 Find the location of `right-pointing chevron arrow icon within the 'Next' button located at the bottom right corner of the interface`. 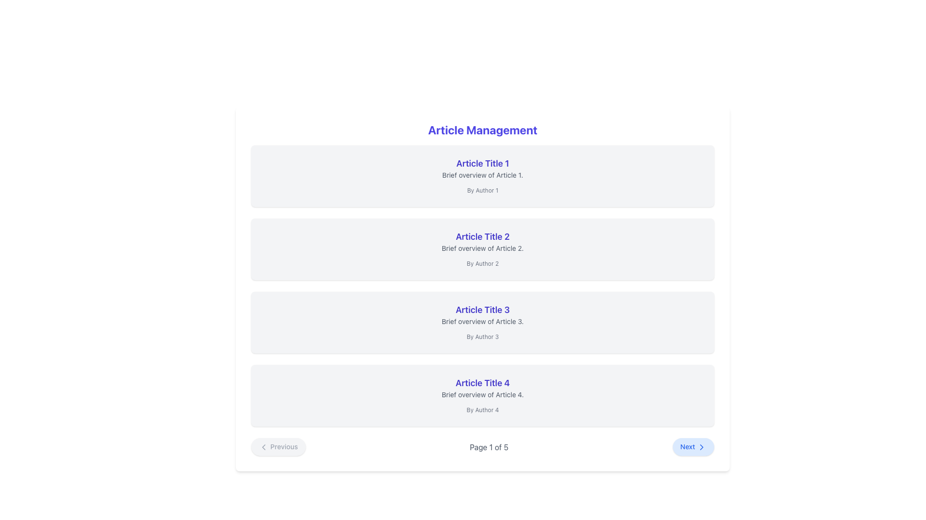

right-pointing chevron arrow icon within the 'Next' button located at the bottom right corner of the interface is located at coordinates (701, 447).